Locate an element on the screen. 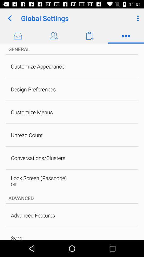 The image size is (144, 257). the advanced features item is located at coordinates (33, 215).